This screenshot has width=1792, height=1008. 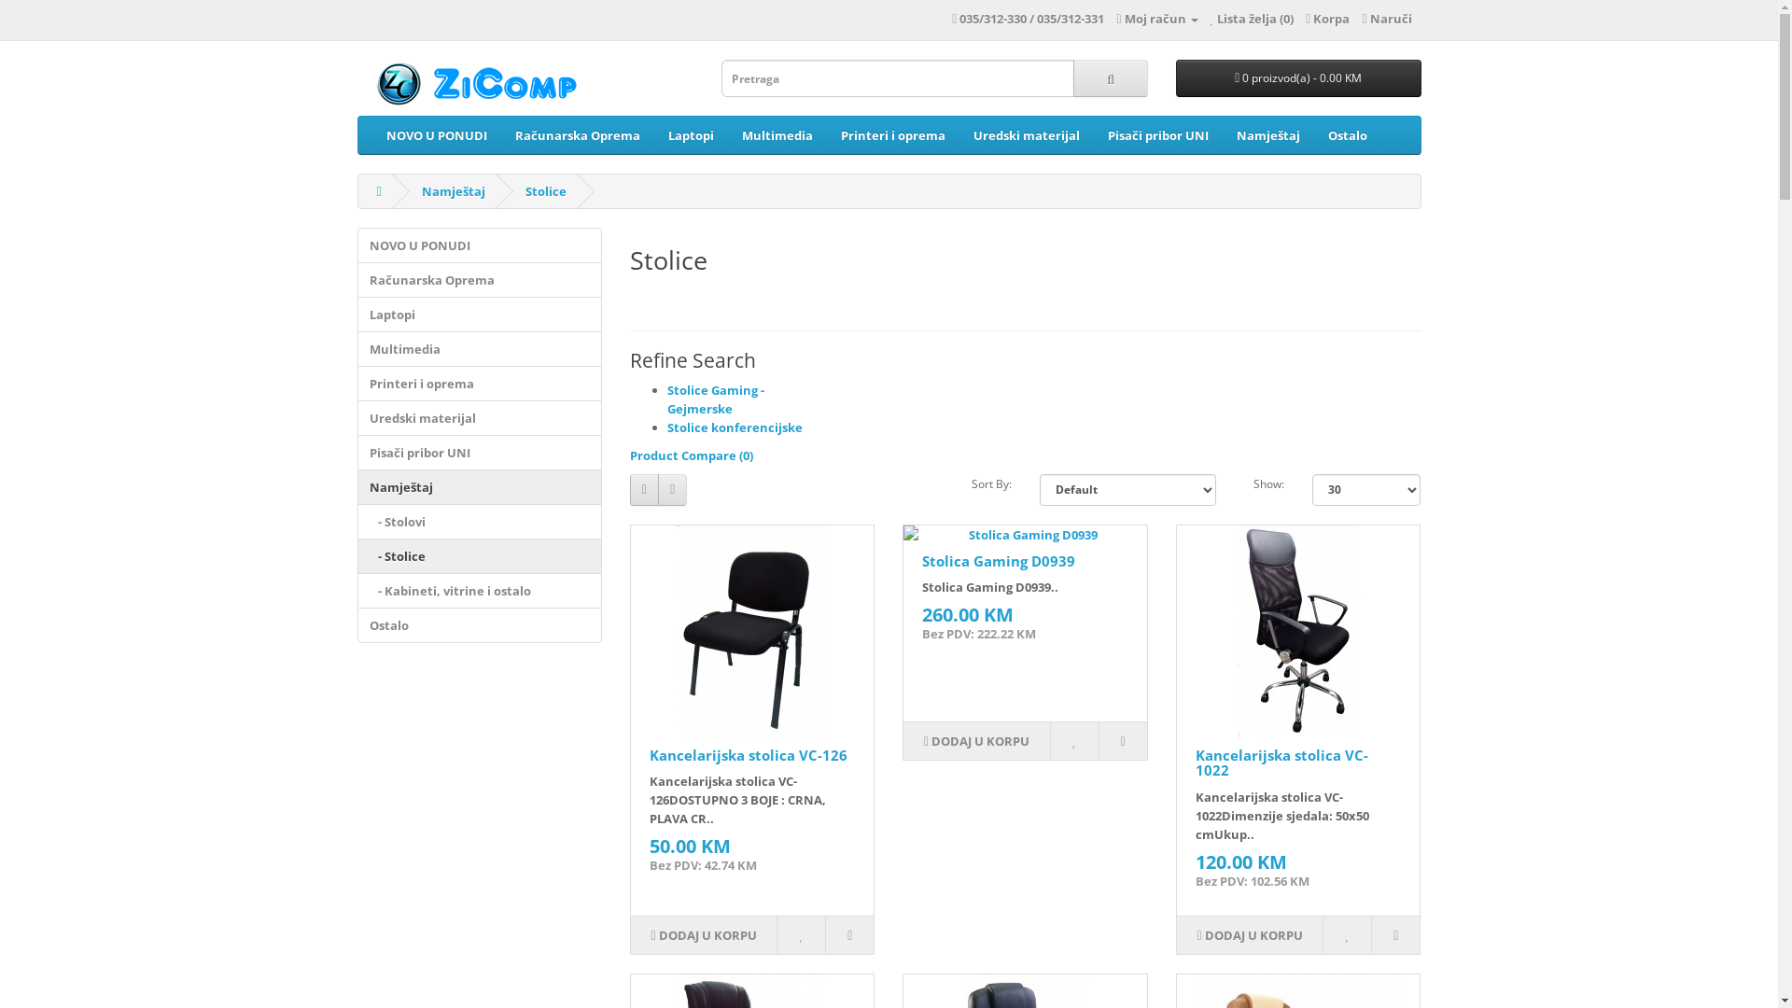 What do you see at coordinates (903, 535) in the screenshot?
I see `'Stolica Gaming D0939'` at bounding box center [903, 535].